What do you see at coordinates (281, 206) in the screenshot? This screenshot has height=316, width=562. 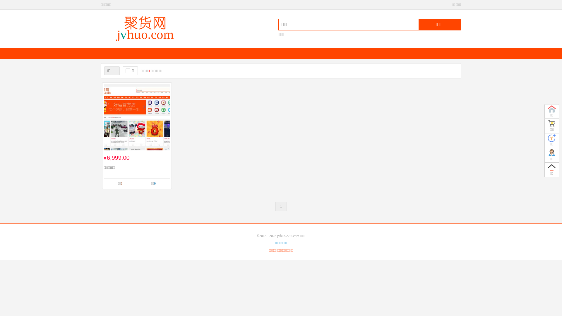 I see `'1'` at bounding box center [281, 206].